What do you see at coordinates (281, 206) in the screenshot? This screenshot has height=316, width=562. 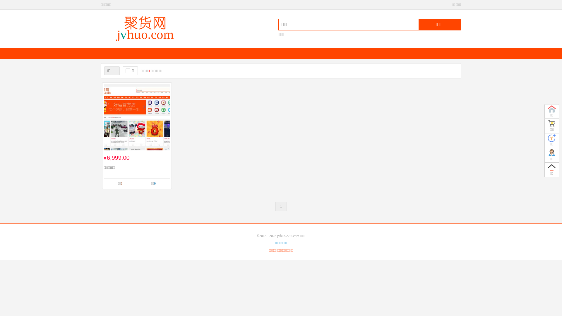 I see `'1'` at bounding box center [281, 206].